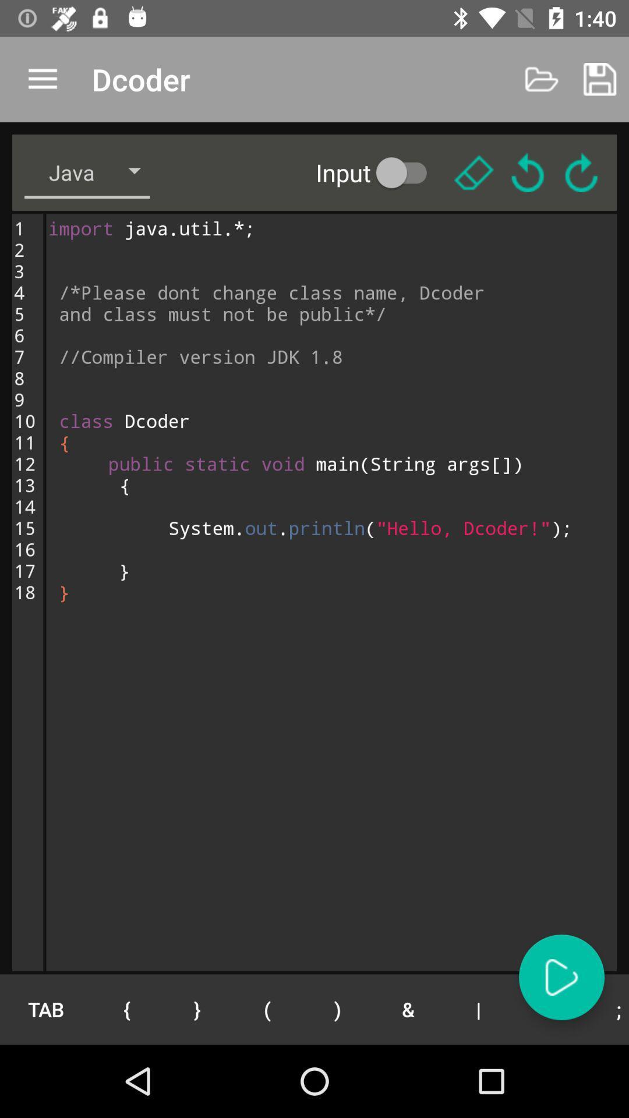  I want to click on run program, so click(561, 977).